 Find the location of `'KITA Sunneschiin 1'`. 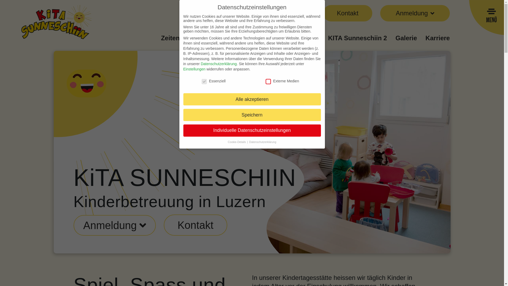

'KITA Sunneschiin 1' is located at coordinates (290, 38).